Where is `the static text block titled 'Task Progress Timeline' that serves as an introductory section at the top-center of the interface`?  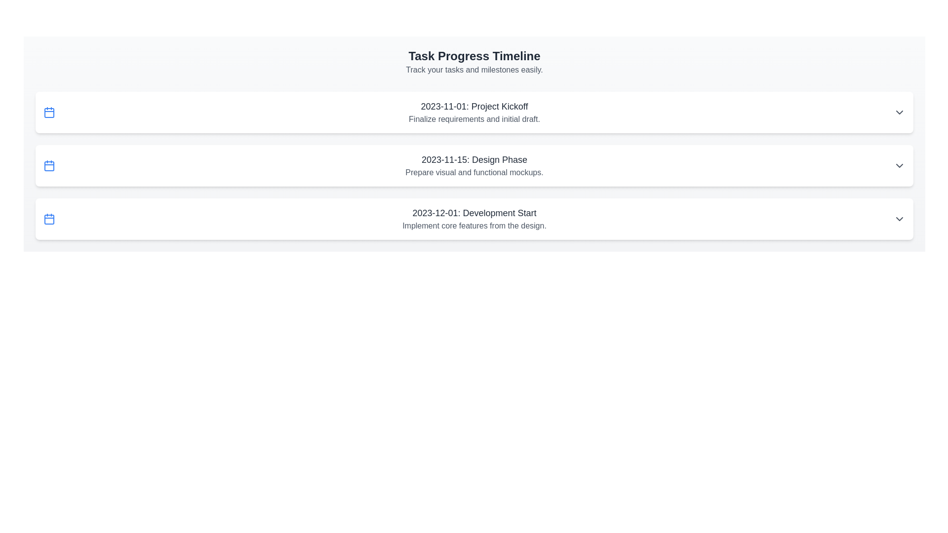 the static text block titled 'Task Progress Timeline' that serves as an introductory section at the top-center of the interface is located at coordinates (474, 62).